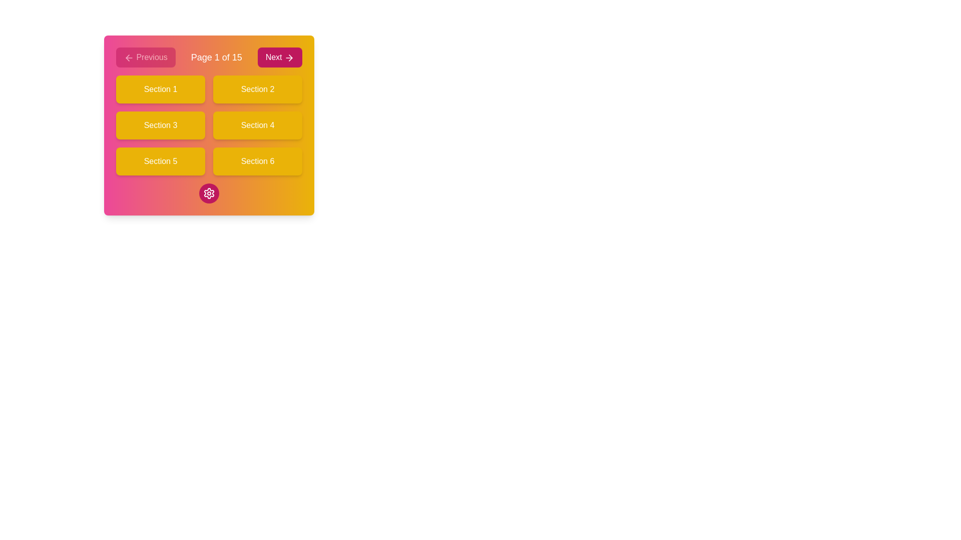 The height and width of the screenshot is (540, 961). Describe the element at coordinates (208, 193) in the screenshot. I see `the settings icon button located at the center bottom of the interface` at that location.